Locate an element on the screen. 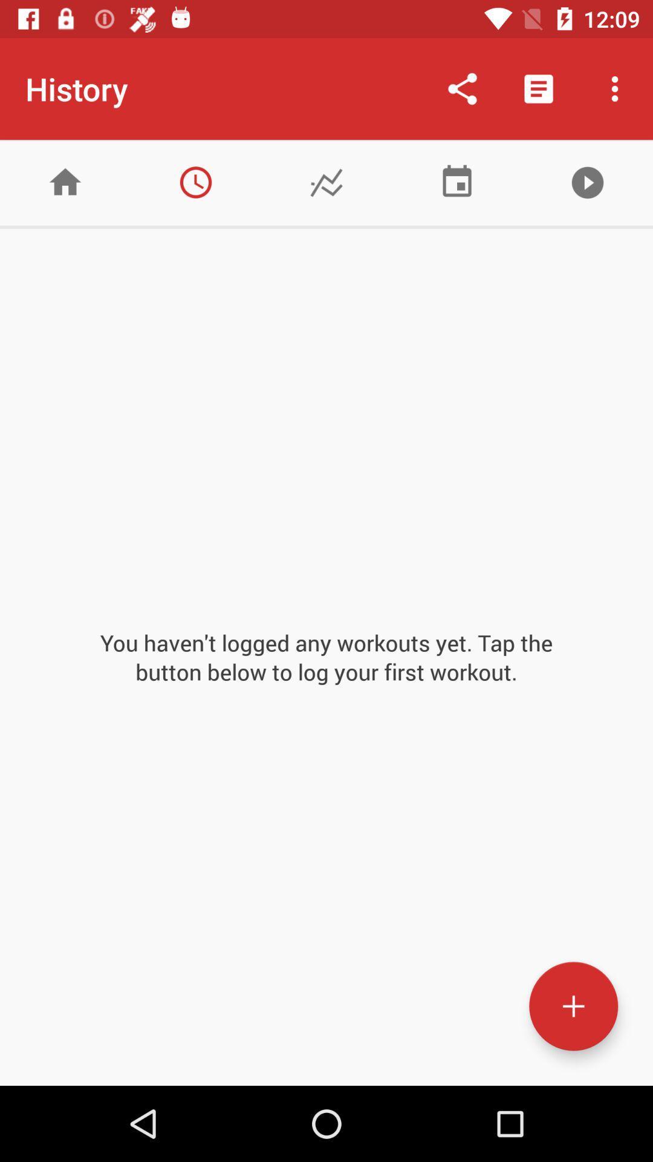  the add icon is located at coordinates (573, 1006).